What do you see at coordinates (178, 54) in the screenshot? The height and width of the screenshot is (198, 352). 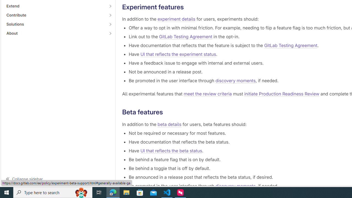 I see `'UI that reflects the experiment status'` at bounding box center [178, 54].